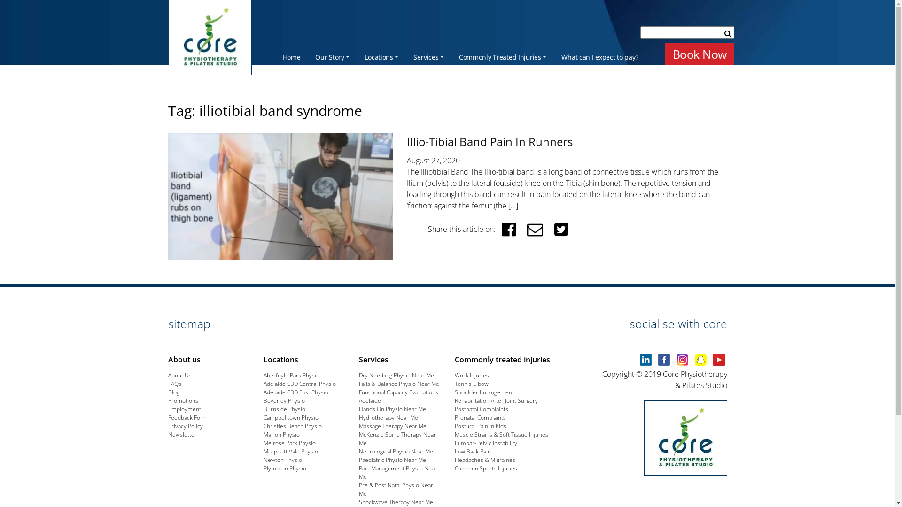 This screenshot has height=507, width=902. What do you see at coordinates (472, 375) in the screenshot?
I see `'Work Injuries'` at bounding box center [472, 375].